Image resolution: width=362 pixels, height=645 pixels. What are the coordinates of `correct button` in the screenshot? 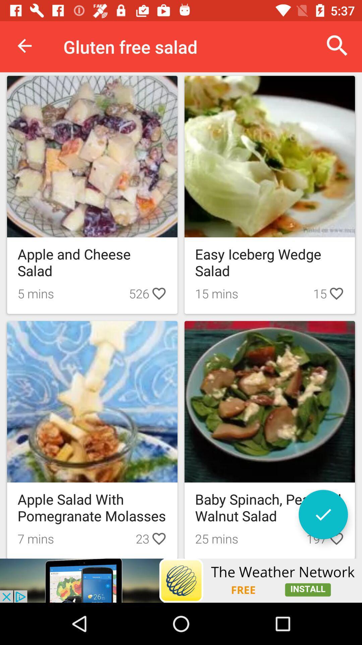 It's located at (323, 514).